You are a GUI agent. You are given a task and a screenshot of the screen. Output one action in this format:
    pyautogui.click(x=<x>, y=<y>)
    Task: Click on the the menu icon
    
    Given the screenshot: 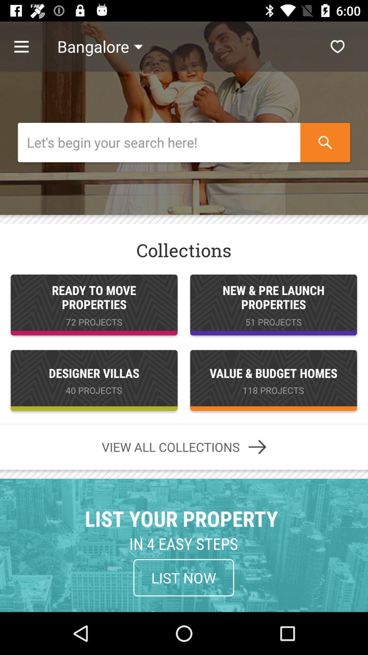 What is the action you would take?
    pyautogui.click(x=28, y=46)
    